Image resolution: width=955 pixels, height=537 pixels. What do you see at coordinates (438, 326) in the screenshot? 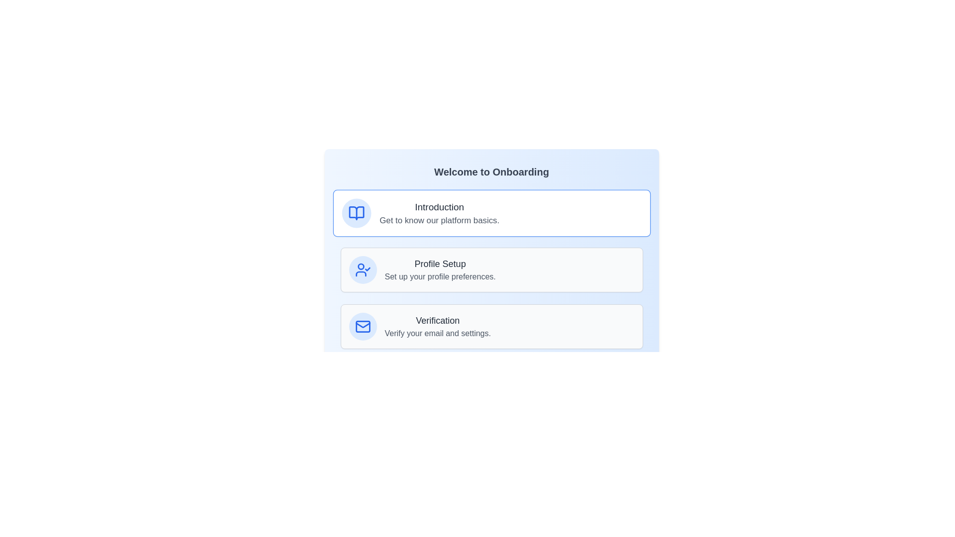
I see `text block containing 'Verification' and 'Verify your email and settings.' which is the third item in the onboarding steps` at bounding box center [438, 326].